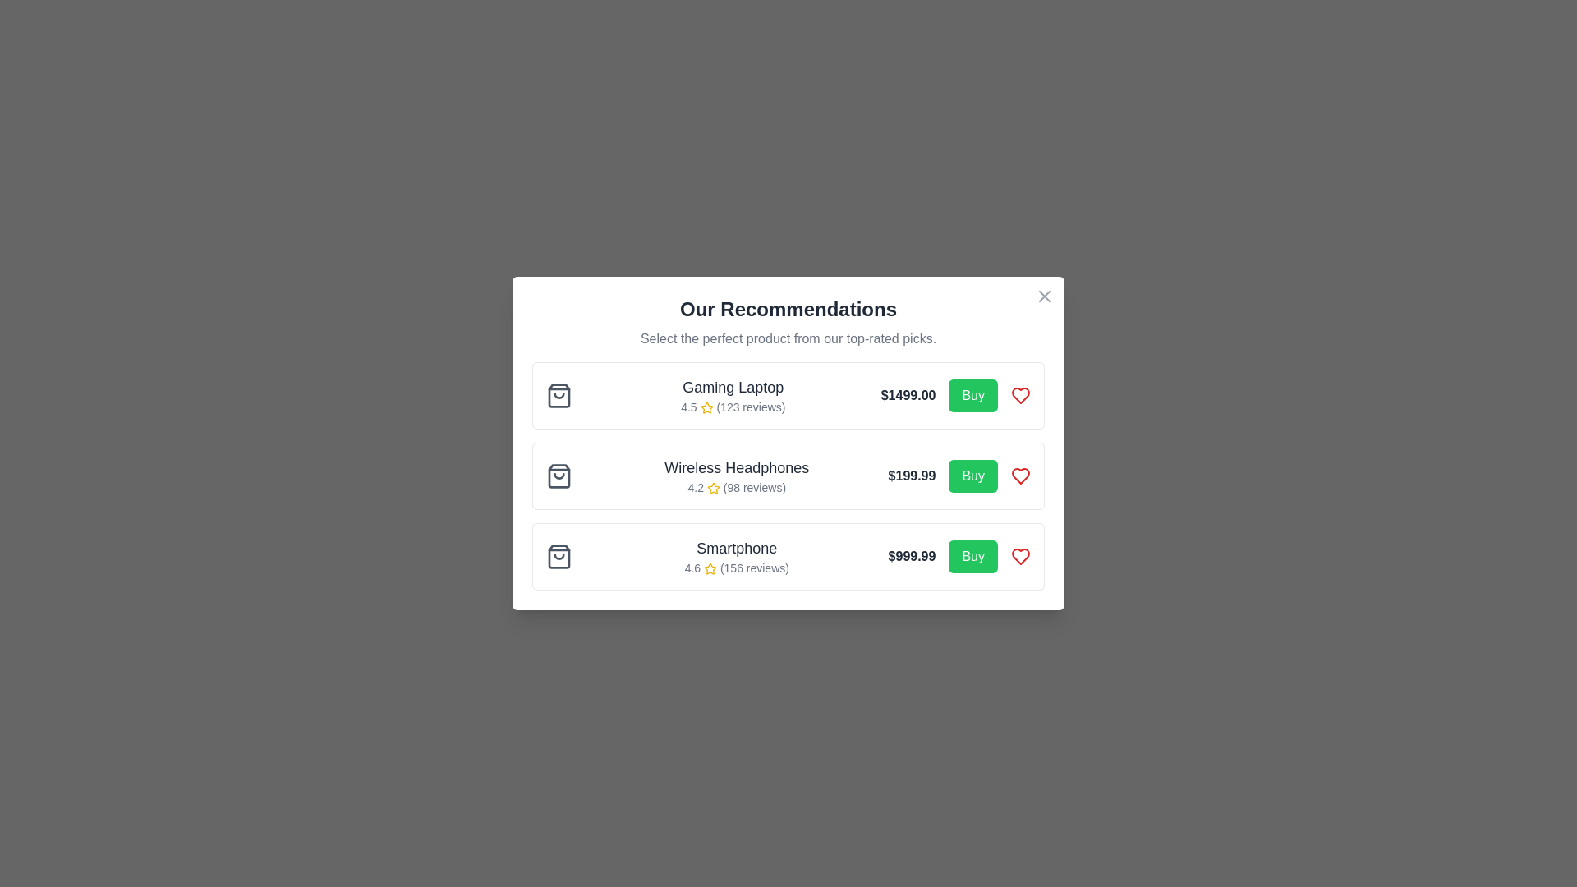 Image resolution: width=1577 pixels, height=887 pixels. Describe the element at coordinates (1020, 396) in the screenshot. I see `the Heart icon located at the far-right end of the 'Gaming Laptop' product listing` at that location.